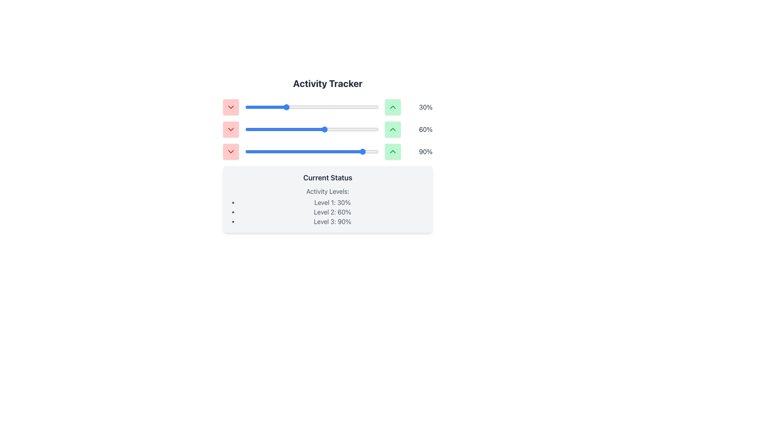 Image resolution: width=762 pixels, height=429 pixels. I want to click on slider, so click(289, 107).